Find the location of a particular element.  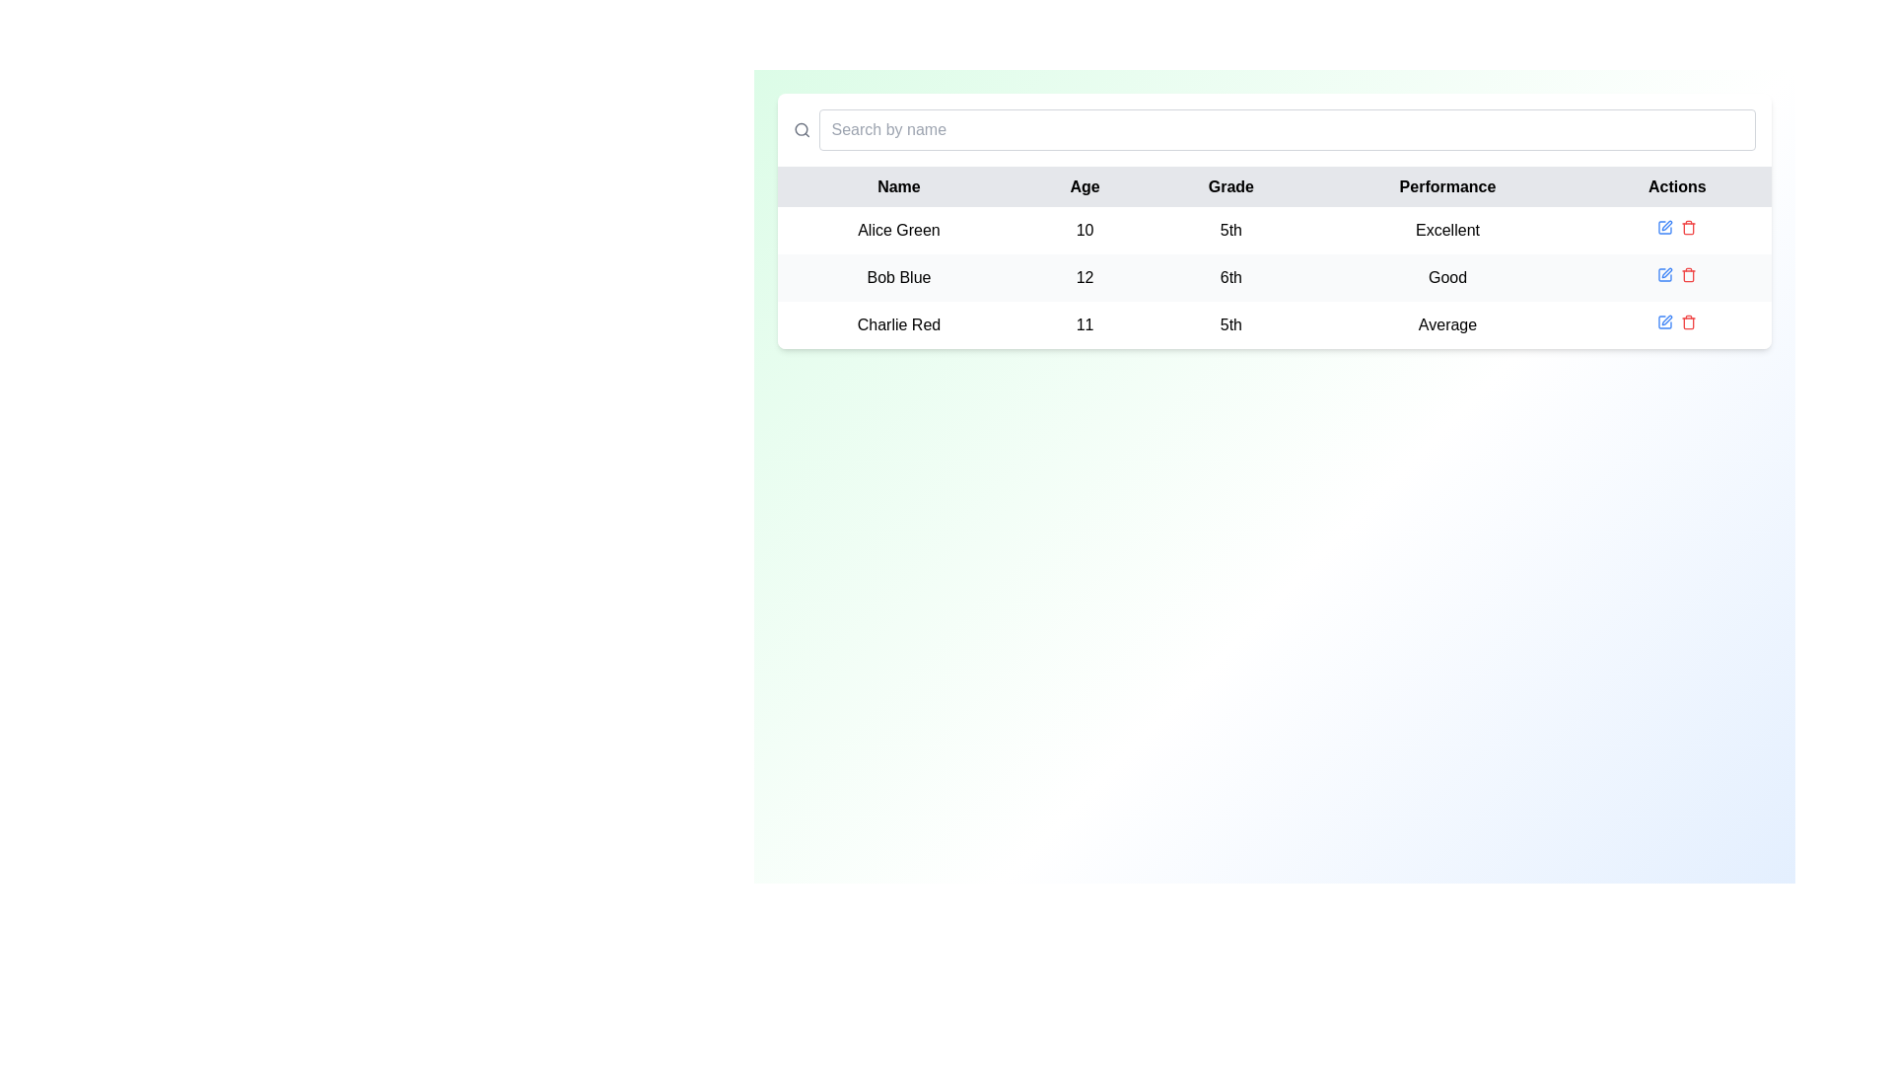

the numeric text label displaying the value '10' in the 'Age' column of the table, aligned with 'Alice Green' and '5th' is located at coordinates (1084, 230).